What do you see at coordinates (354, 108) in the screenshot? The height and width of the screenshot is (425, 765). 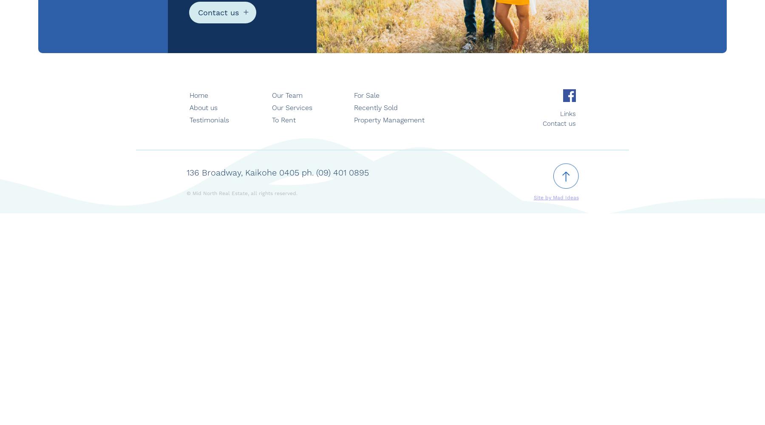 I see `'Recently Sold'` at bounding box center [354, 108].